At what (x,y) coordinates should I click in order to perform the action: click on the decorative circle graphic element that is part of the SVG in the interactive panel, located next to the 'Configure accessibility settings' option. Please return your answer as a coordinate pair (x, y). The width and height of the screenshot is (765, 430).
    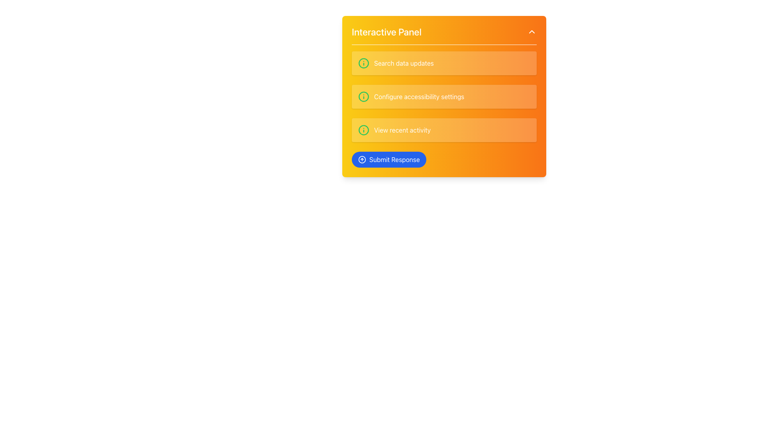
    Looking at the image, I should click on (363, 63).